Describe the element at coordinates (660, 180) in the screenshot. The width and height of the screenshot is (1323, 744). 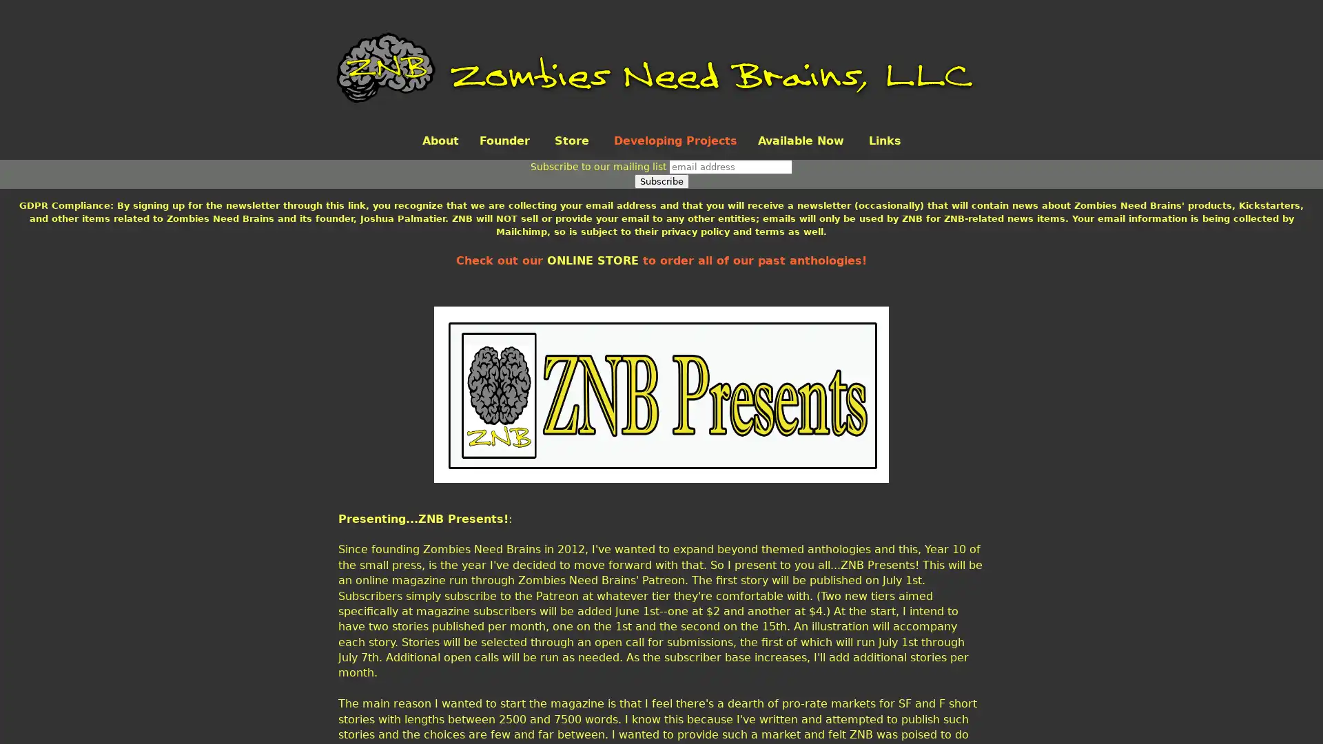
I see `Subscribe` at that location.